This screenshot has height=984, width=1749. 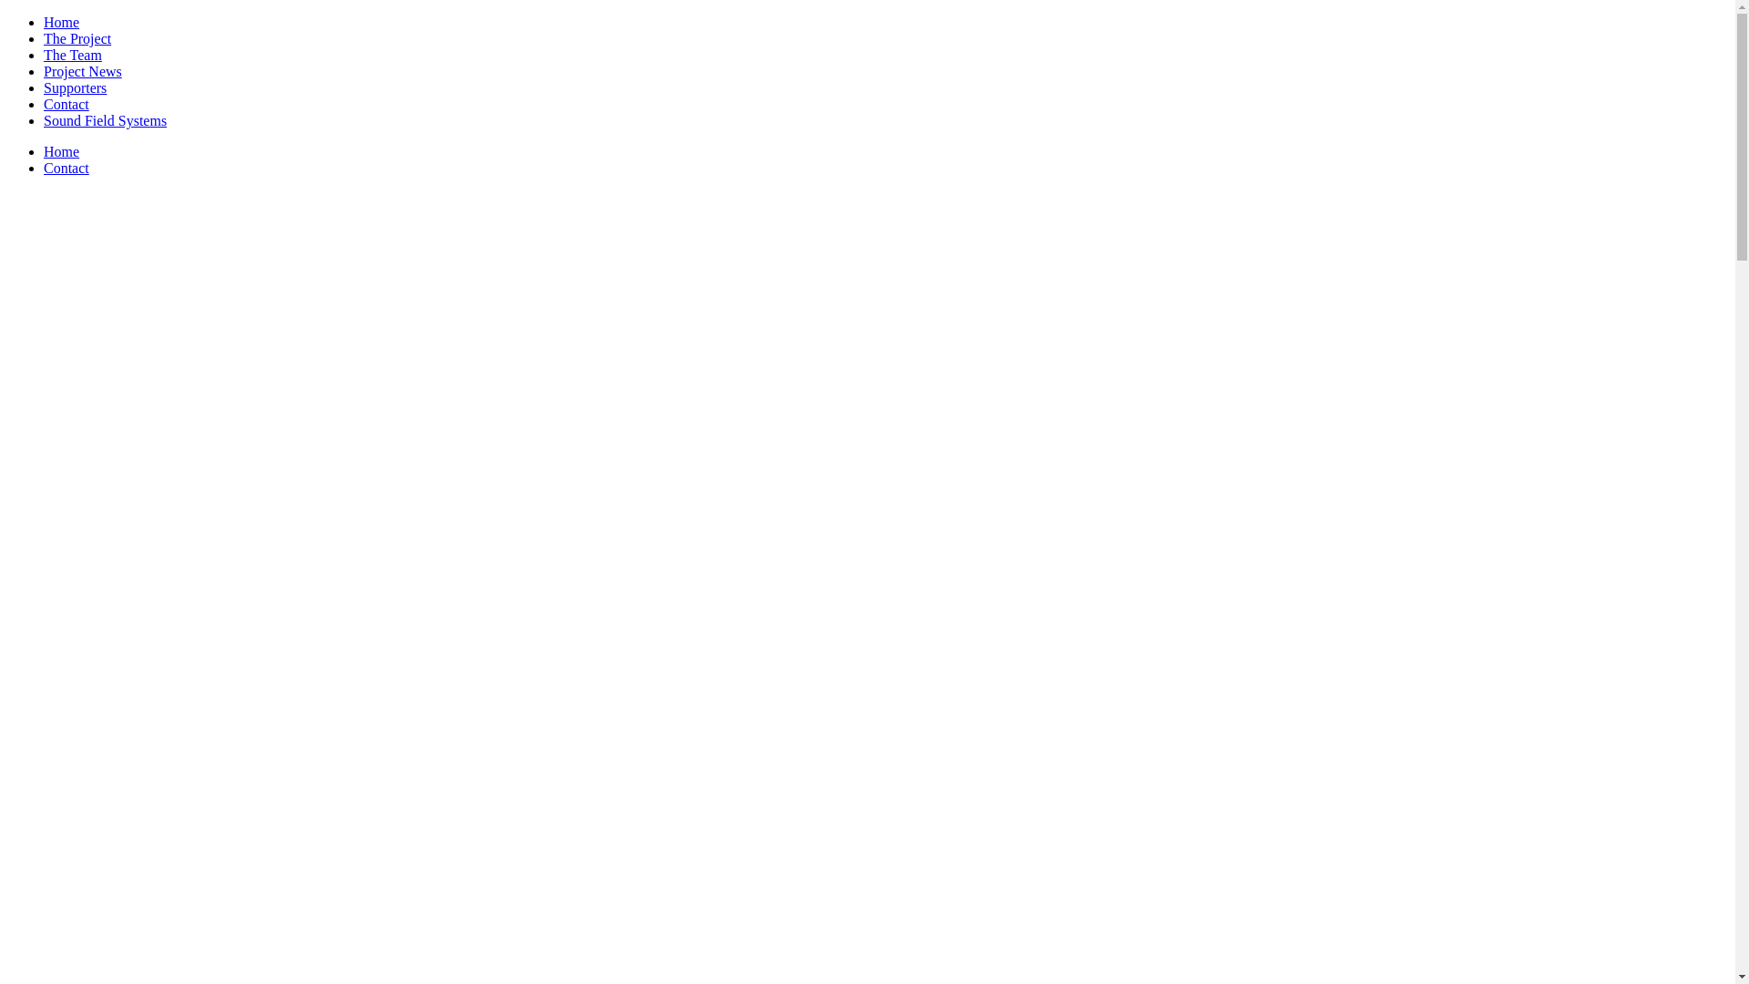 I want to click on 'Contact', so click(x=66, y=104).